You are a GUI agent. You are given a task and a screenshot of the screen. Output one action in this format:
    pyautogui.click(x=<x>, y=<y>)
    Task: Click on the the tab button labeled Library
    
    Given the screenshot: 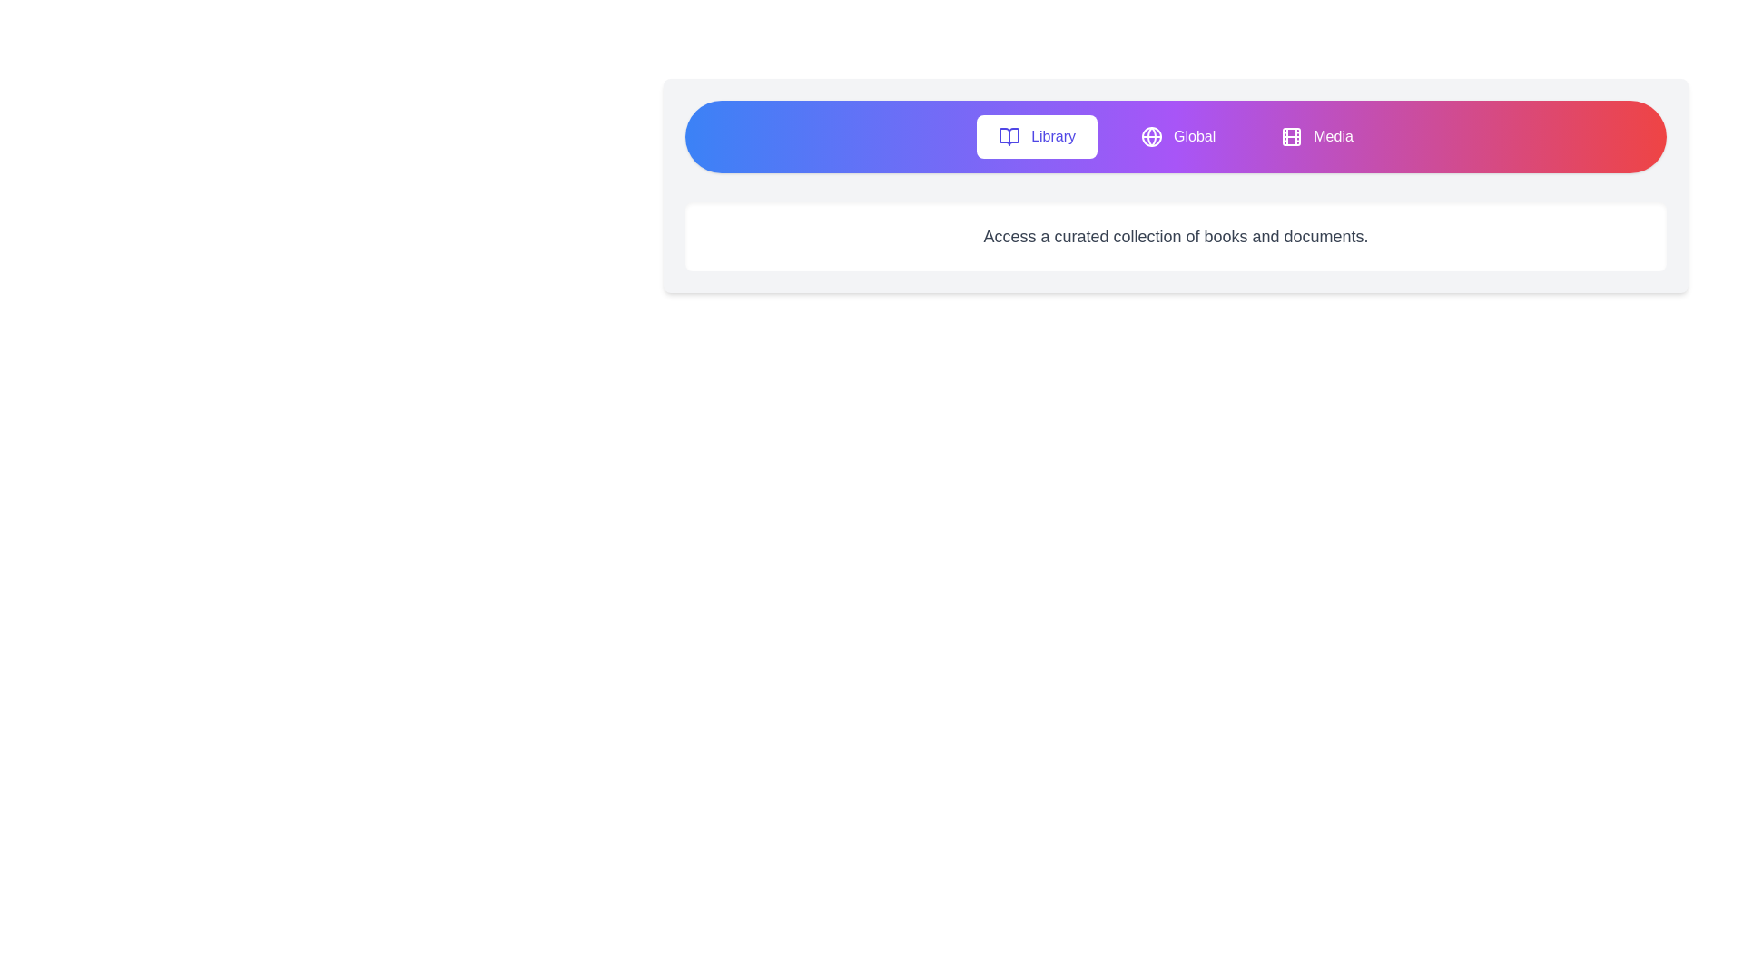 What is the action you would take?
    pyautogui.click(x=1037, y=135)
    